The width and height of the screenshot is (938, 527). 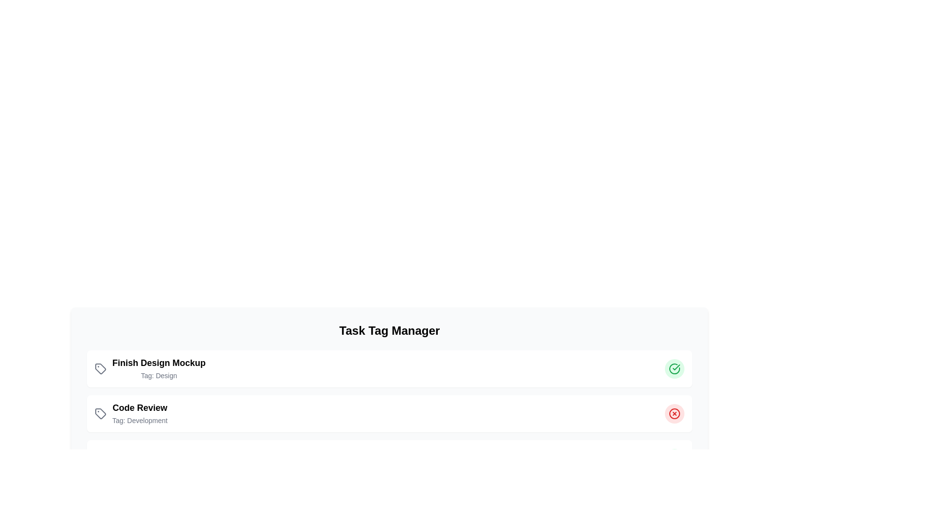 I want to click on the text element that serves as the title or description of the task, located at the upper-left region of the first task block in a vertically structured list, so click(x=159, y=363).